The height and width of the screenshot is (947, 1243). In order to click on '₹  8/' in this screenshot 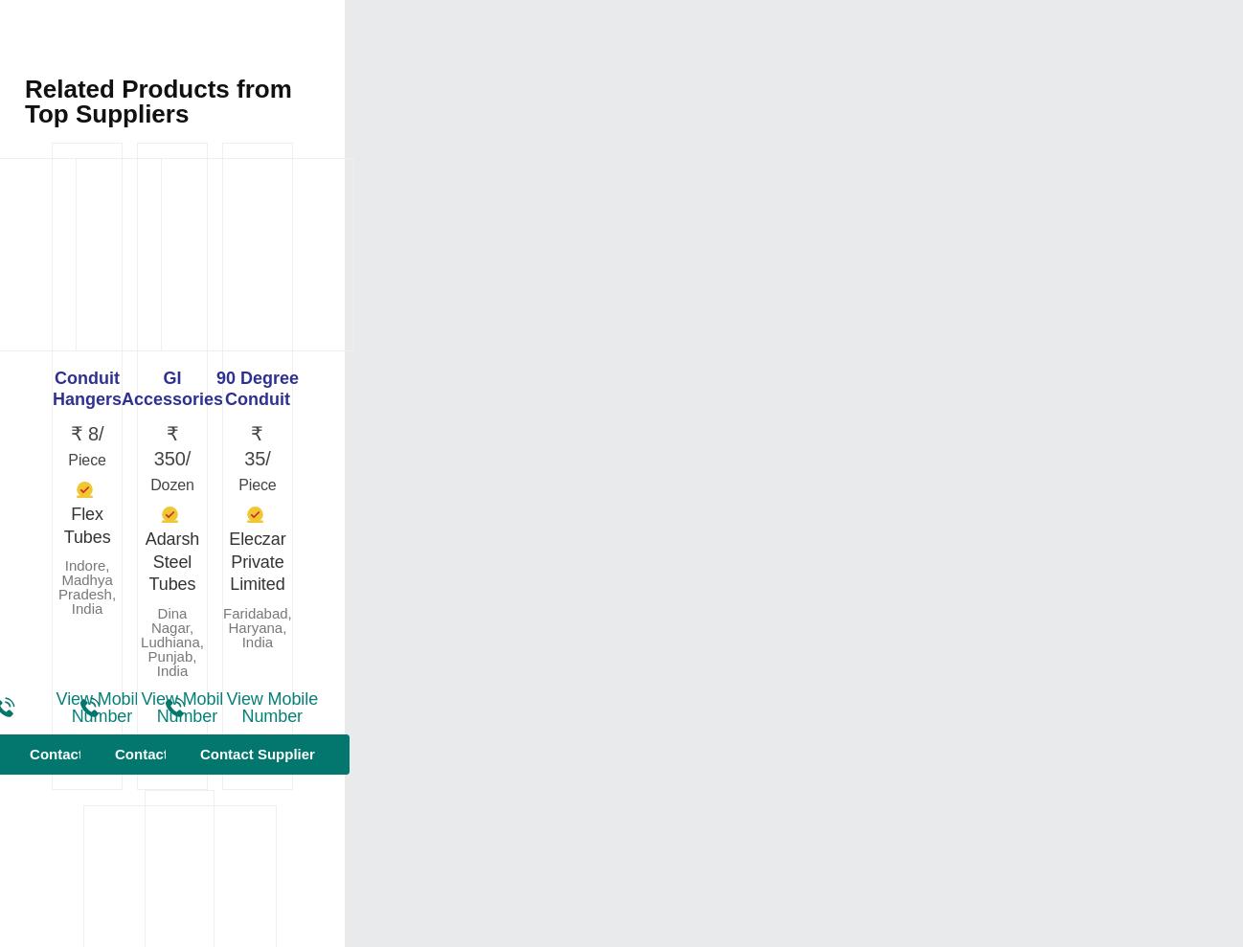, I will do `click(86, 432)`.